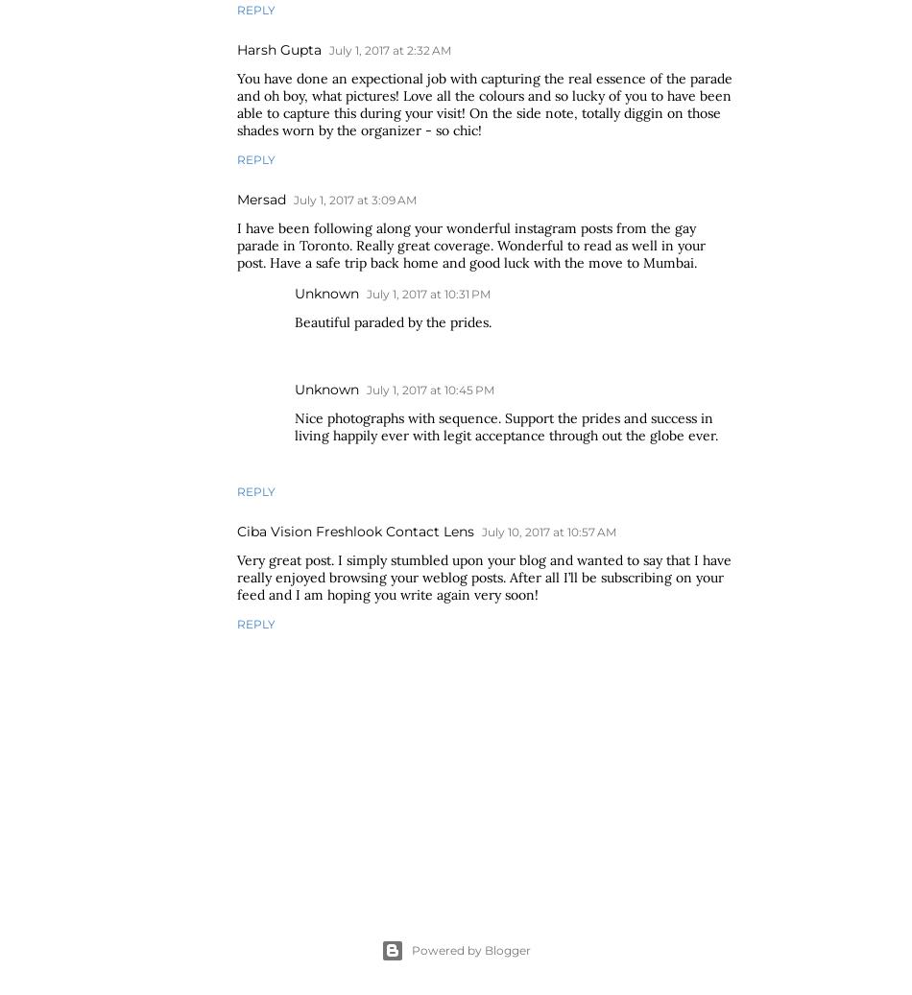  Describe the element at coordinates (470, 950) in the screenshot. I see `'Powered by Blogger'` at that location.